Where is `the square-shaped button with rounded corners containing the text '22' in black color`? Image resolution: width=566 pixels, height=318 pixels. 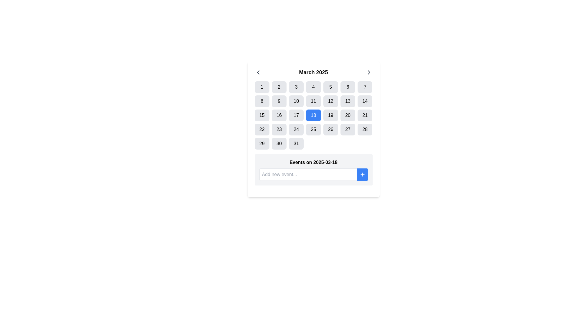 the square-shaped button with rounded corners containing the text '22' in black color is located at coordinates (261, 129).